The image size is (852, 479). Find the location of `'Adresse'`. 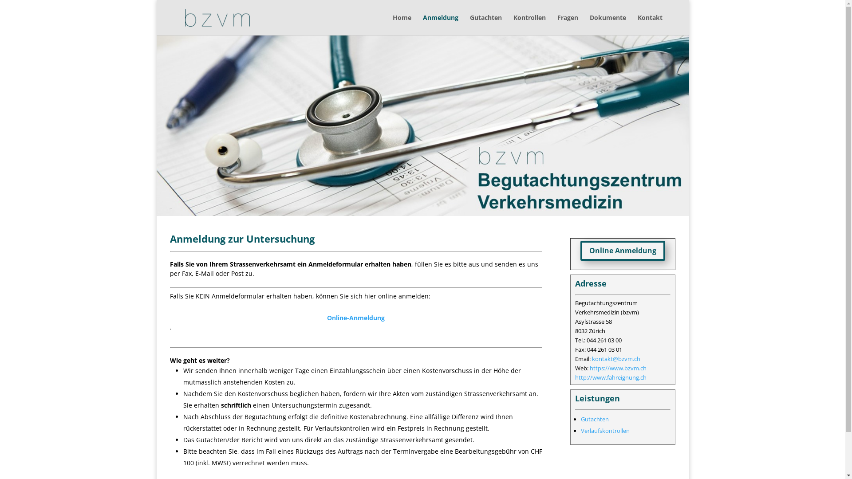

'Adresse' is located at coordinates (575, 283).